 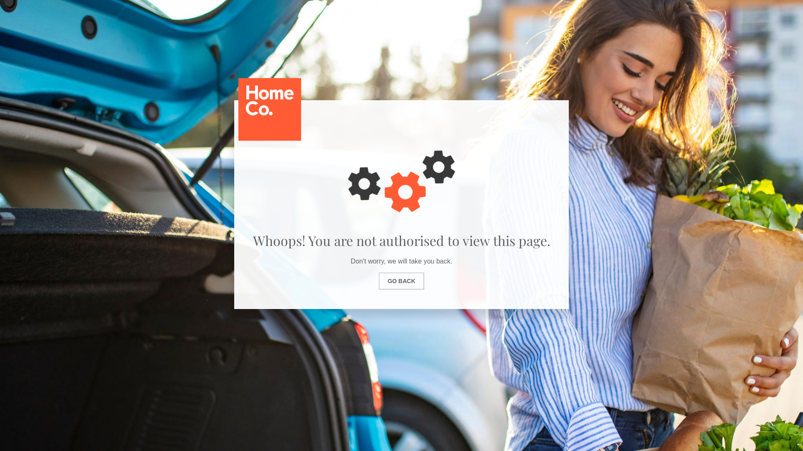 I want to click on 'GO BACK', so click(x=401, y=281).